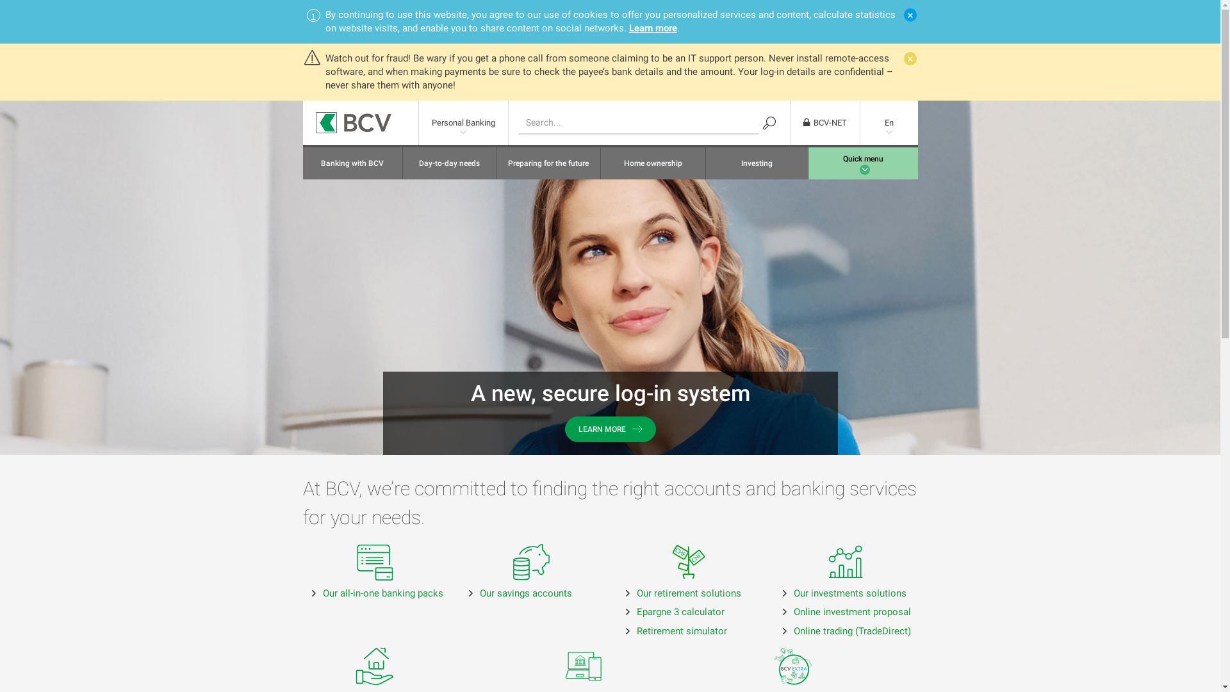 The image size is (1230, 692). Describe the element at coordinates (463, 122) in the screenshot. I see `'Personal Banking'` at that location.